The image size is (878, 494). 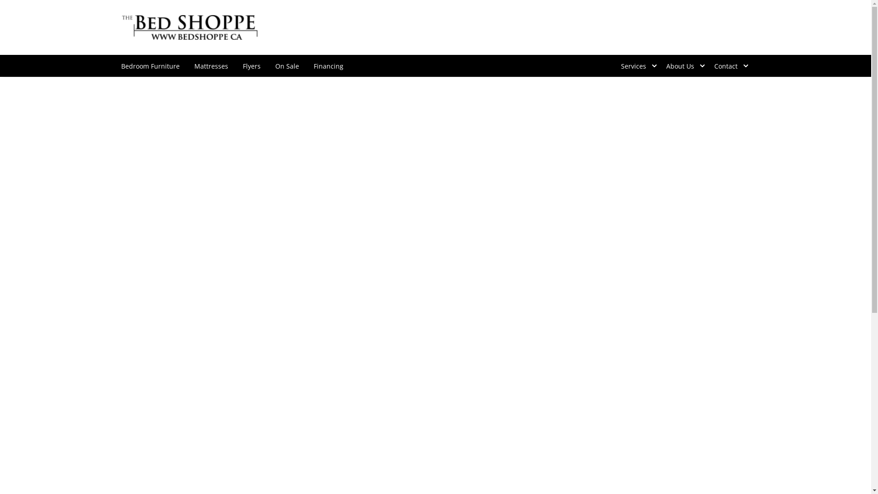 I want to click on 'On Sale', so click(x=287, y=65).